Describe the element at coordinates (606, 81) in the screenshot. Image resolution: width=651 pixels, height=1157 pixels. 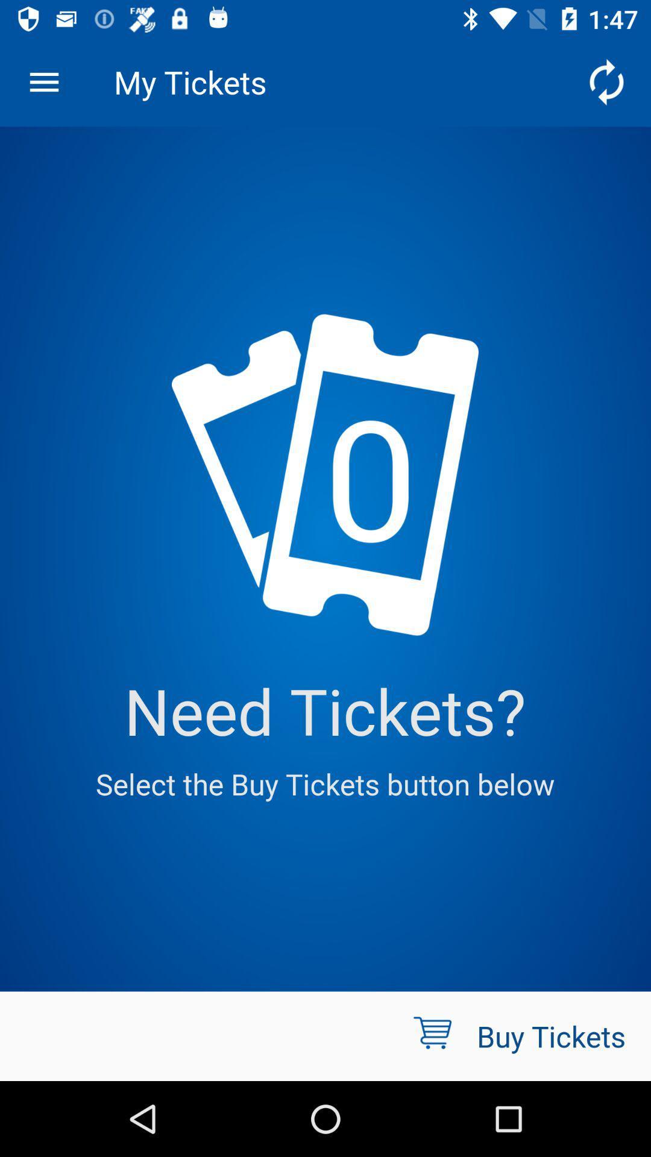
I see `the item above buy tickets` at that location.